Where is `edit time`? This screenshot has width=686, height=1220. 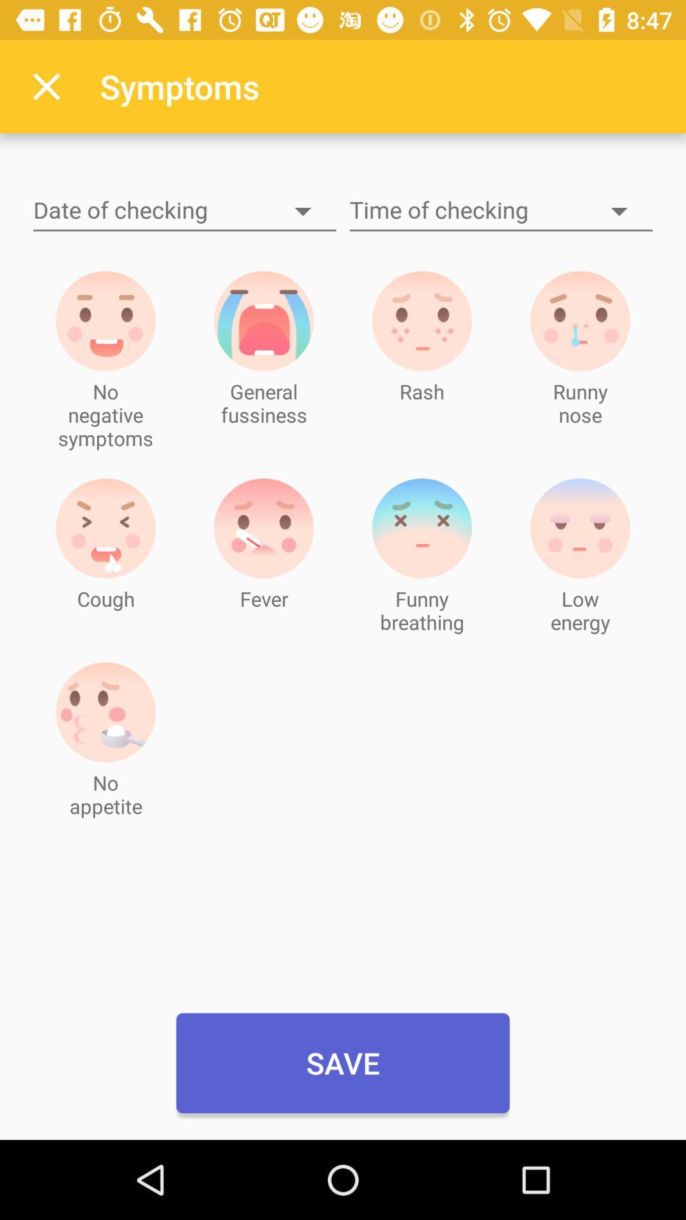
edit time is located at coordinates (501, 211).